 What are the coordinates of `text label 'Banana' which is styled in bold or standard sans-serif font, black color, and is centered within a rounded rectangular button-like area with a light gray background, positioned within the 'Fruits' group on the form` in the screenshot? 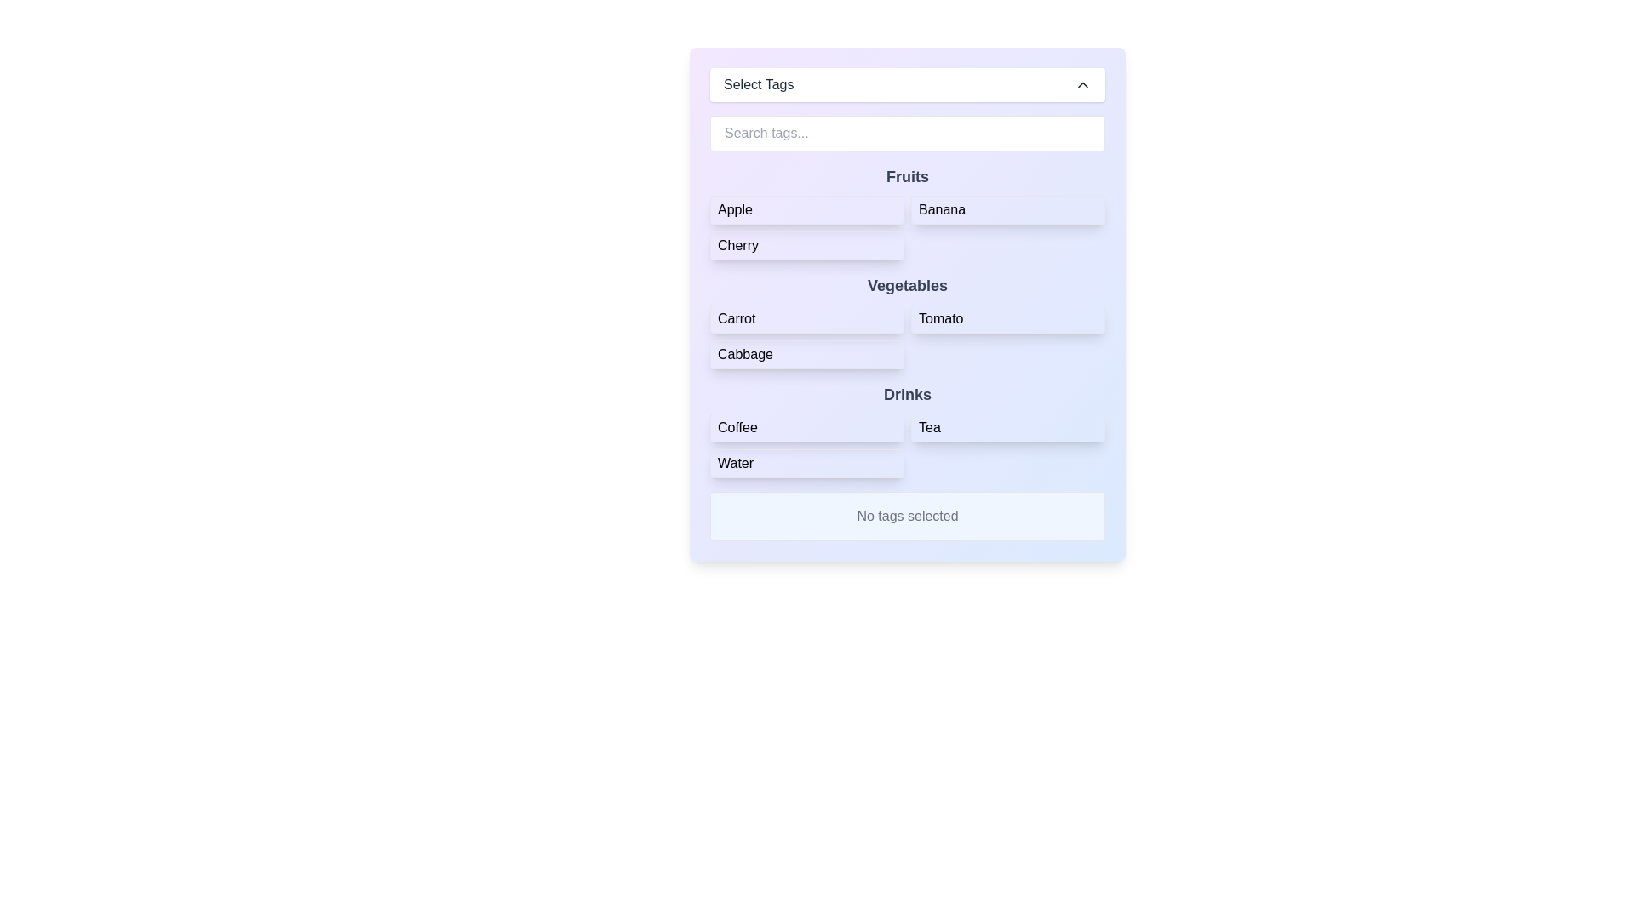 It's located at (941, 208).